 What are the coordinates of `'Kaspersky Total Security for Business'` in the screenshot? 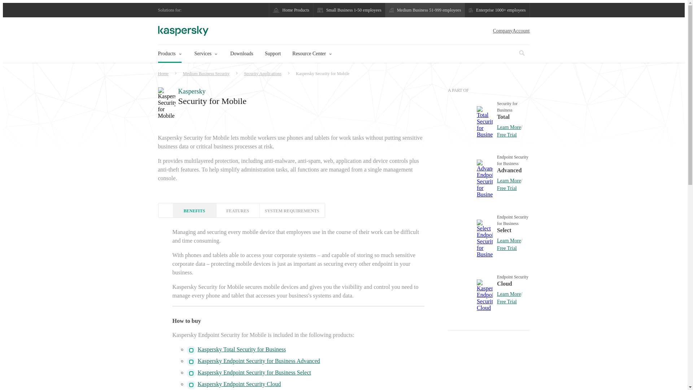 It's located at (242, 349).